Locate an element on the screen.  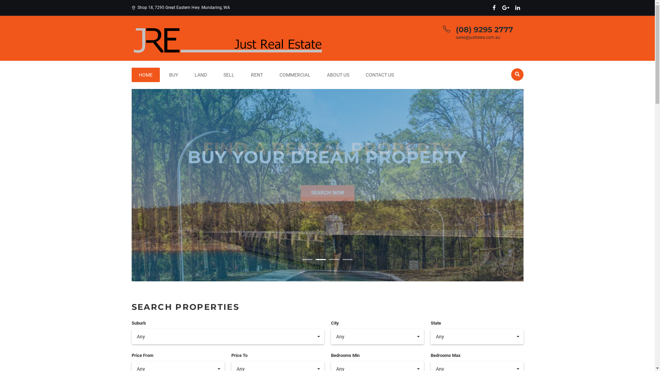
'CONTACT US' is located at coordinates (379, 75).